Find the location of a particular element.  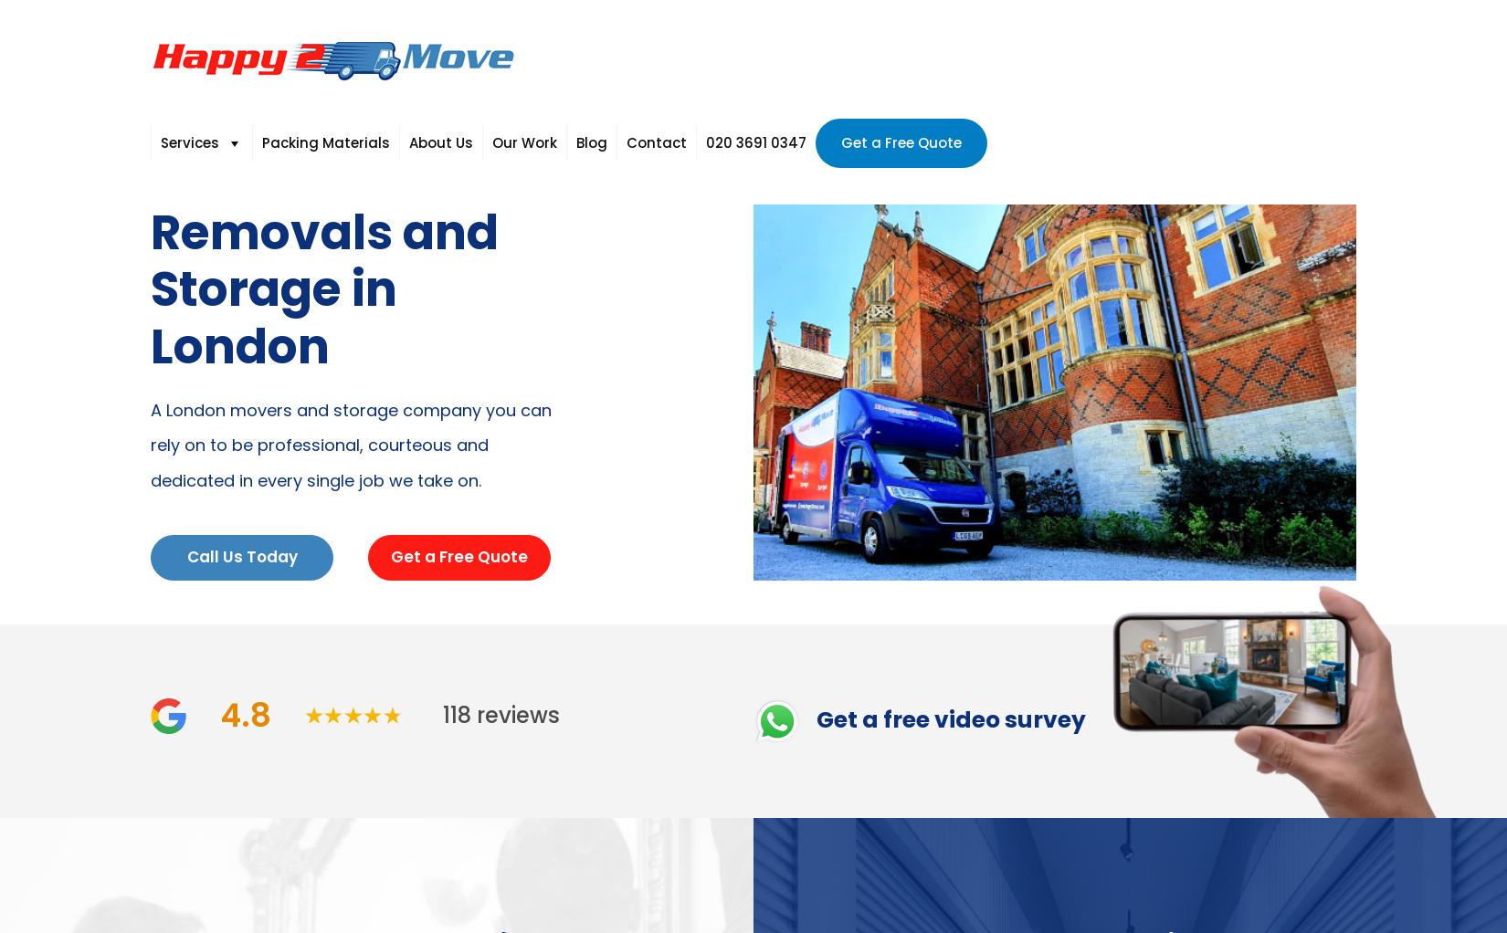

'Storage' is located at coordinates (186, 280).